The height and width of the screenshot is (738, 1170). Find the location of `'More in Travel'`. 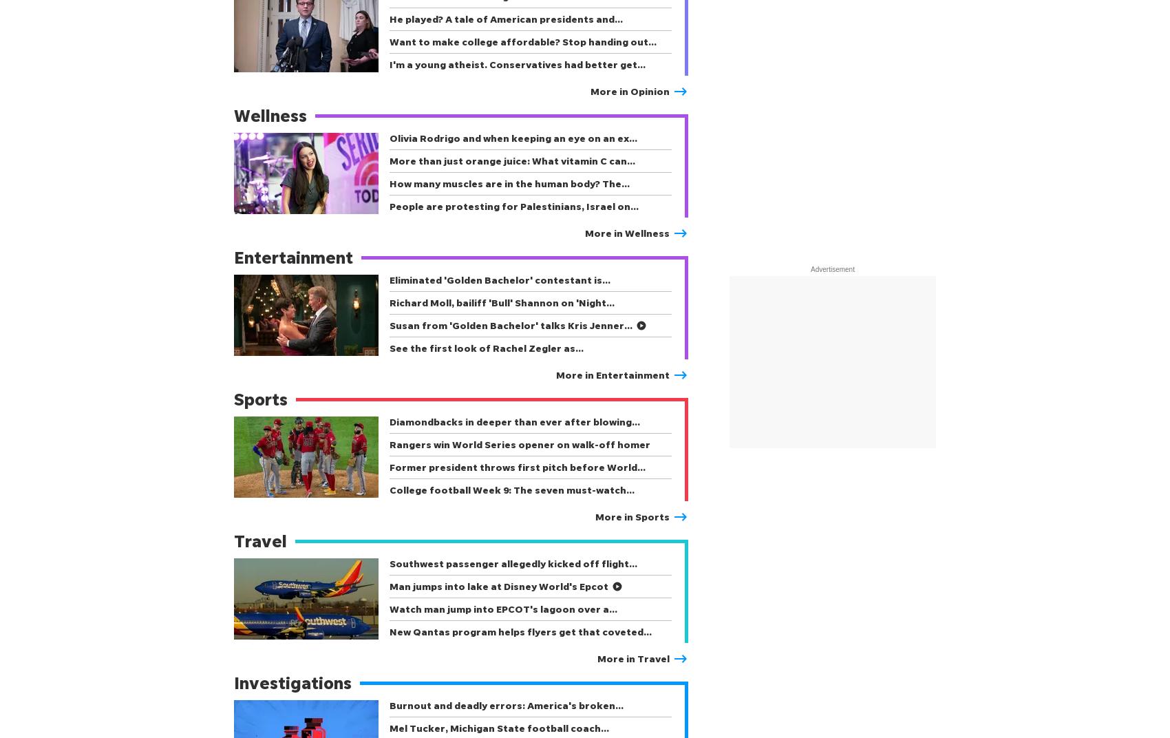

'More in Travel' is located at coordinates (633, 657).